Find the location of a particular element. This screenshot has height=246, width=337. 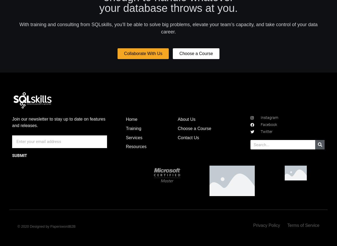

'Join our newsletter to stay up to date on features and releases.' is located at coordinates (58, 122).